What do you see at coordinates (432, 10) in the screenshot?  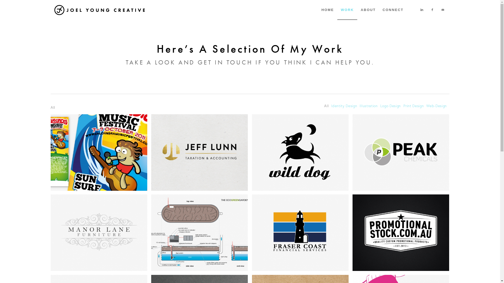 I see `'Facebook'` at bounding box center [432, 10].